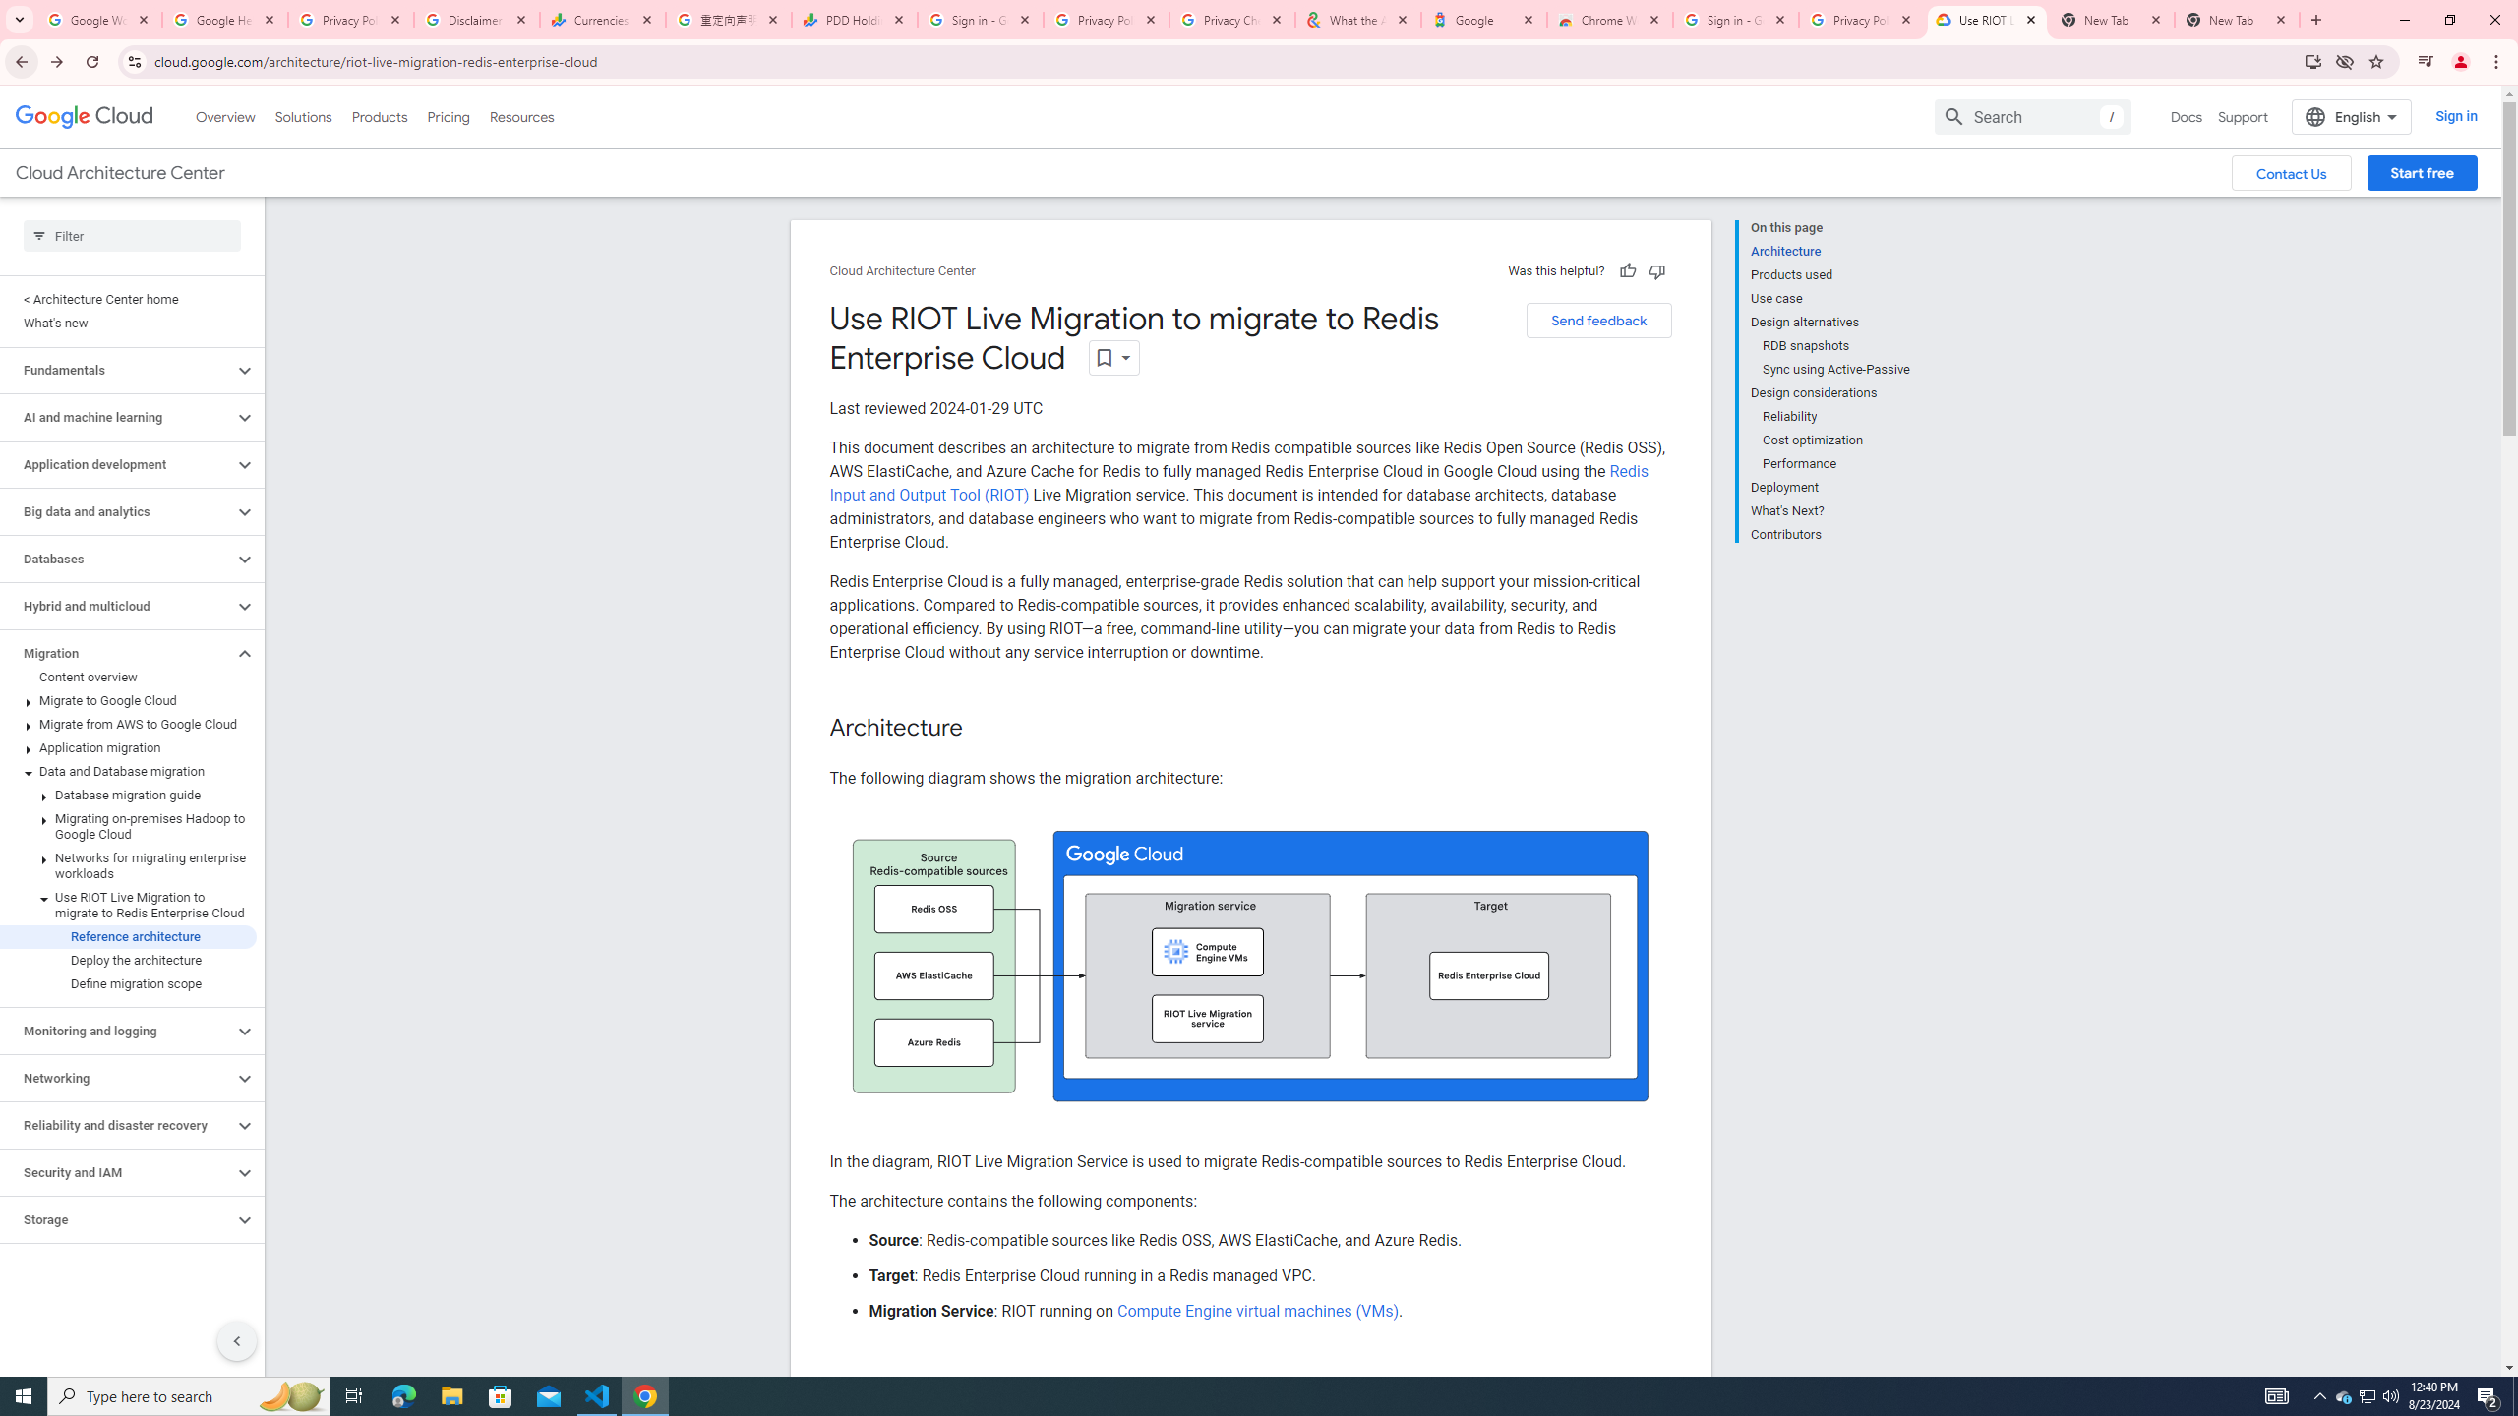  Describe the element at coordinates (128, 771) in the screenshot. I see `'Data and Database migration'` at that location.